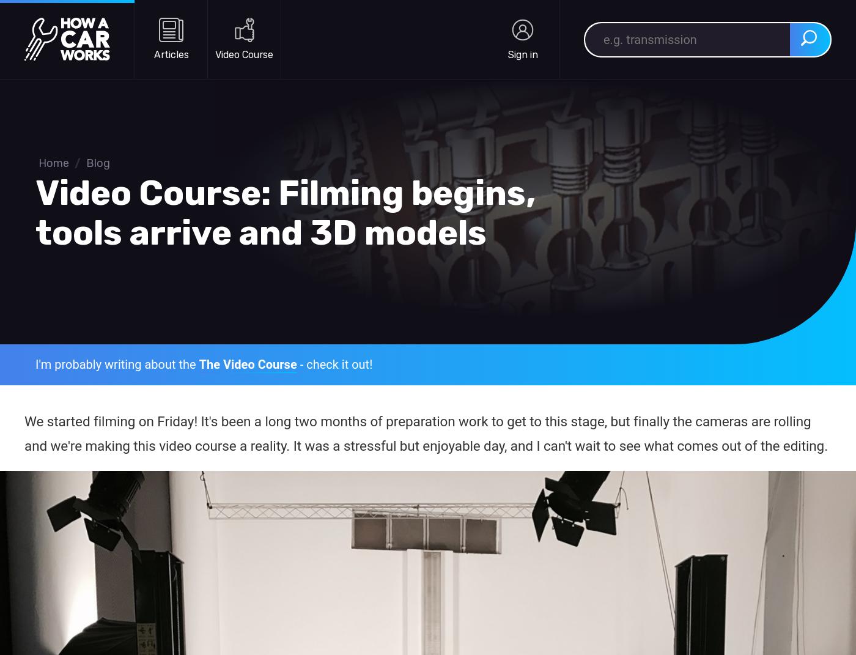  What do you see at coordinates (248, 365) in the screenshot?
I see `'The Video Course'` at bounding box center [248, 365].